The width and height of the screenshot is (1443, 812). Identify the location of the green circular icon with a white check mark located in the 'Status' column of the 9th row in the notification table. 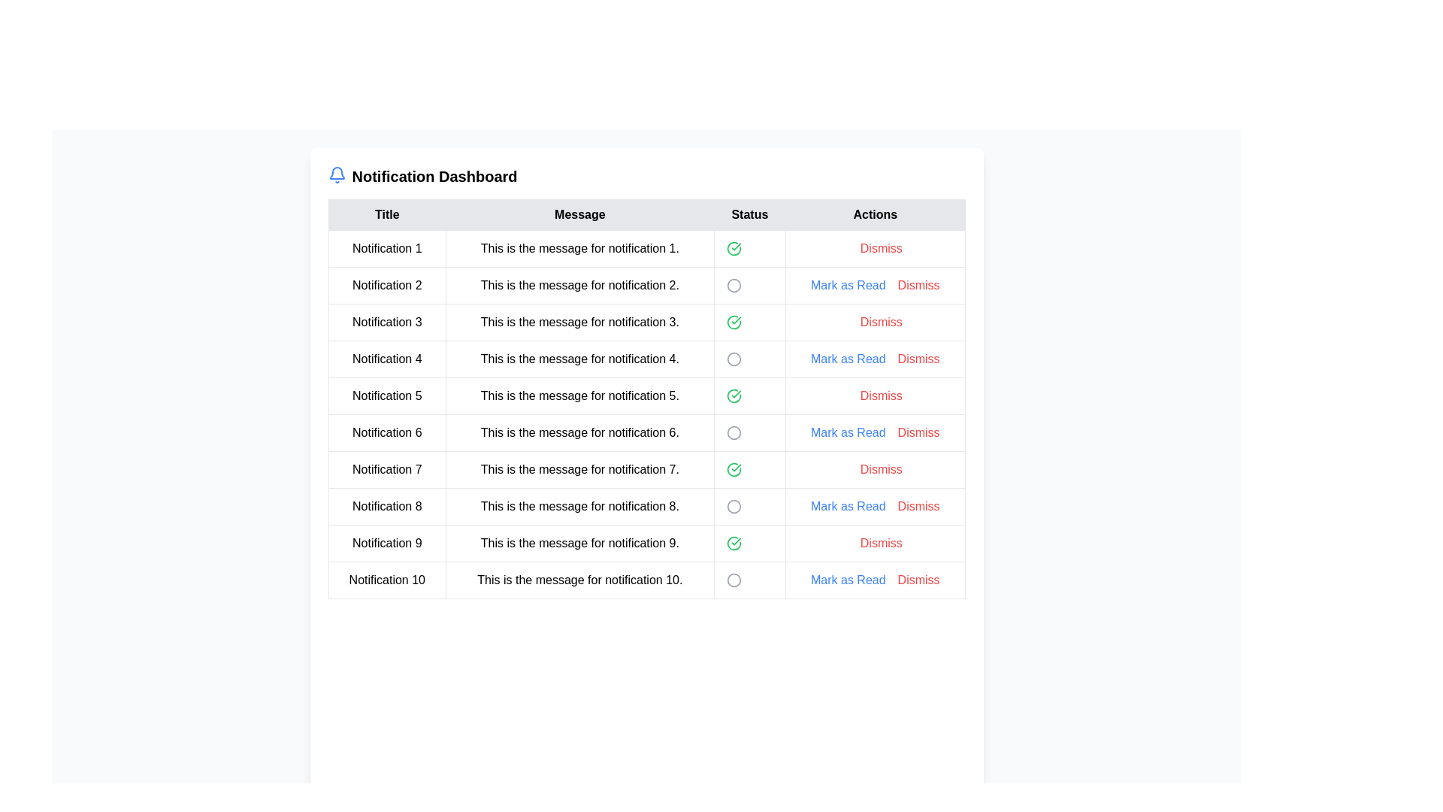
(734, 543).